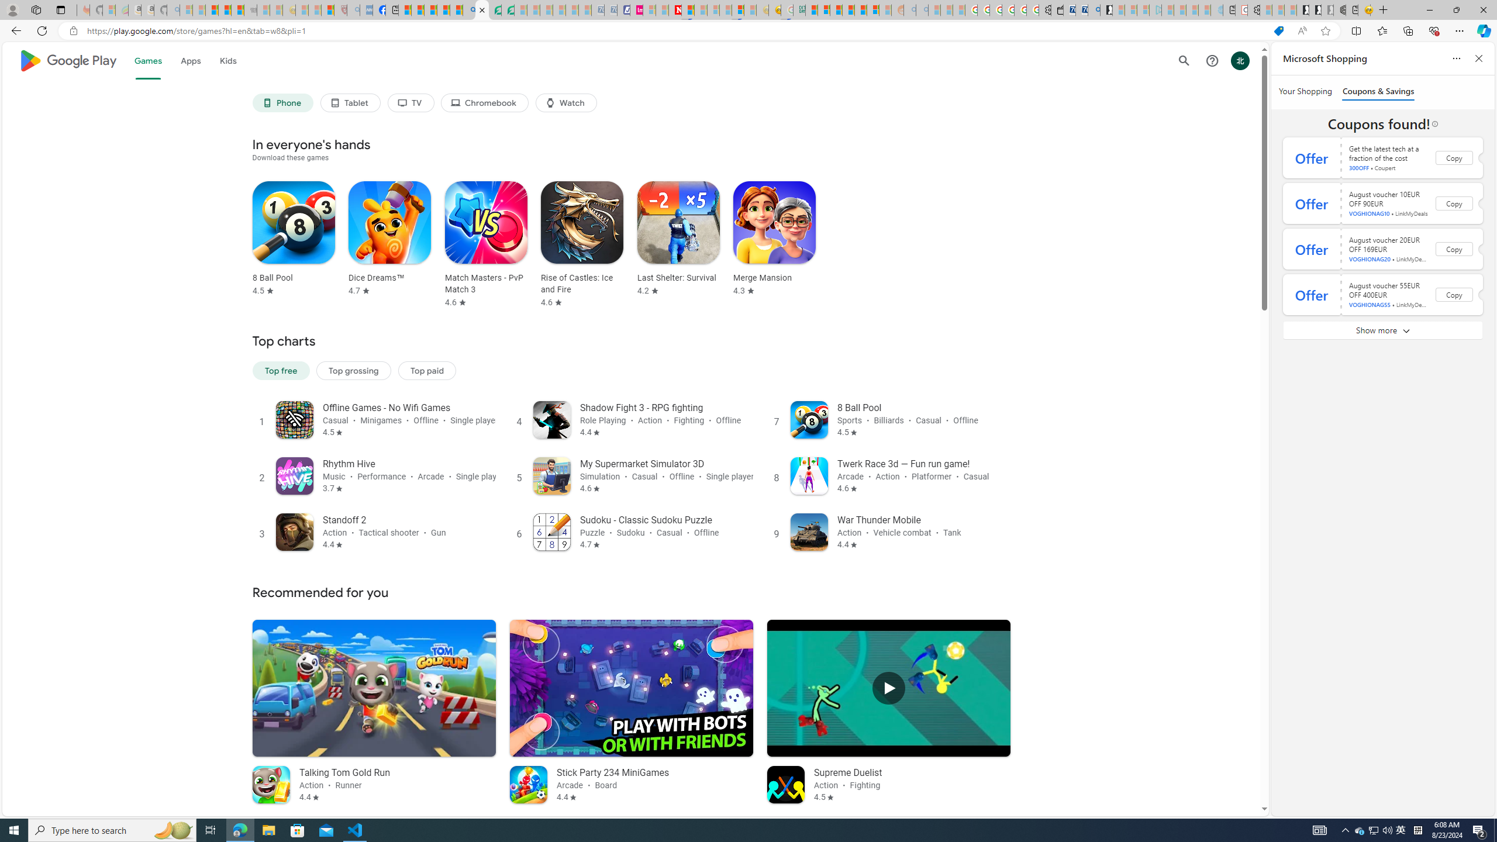 This screenshot has width=1497, height=842. What do you see at coordinates (1302, 9) in the screenshot?
I see `'Play Free Online Games | Games from Microsoft Start'` at bounding box center [1302, 9].